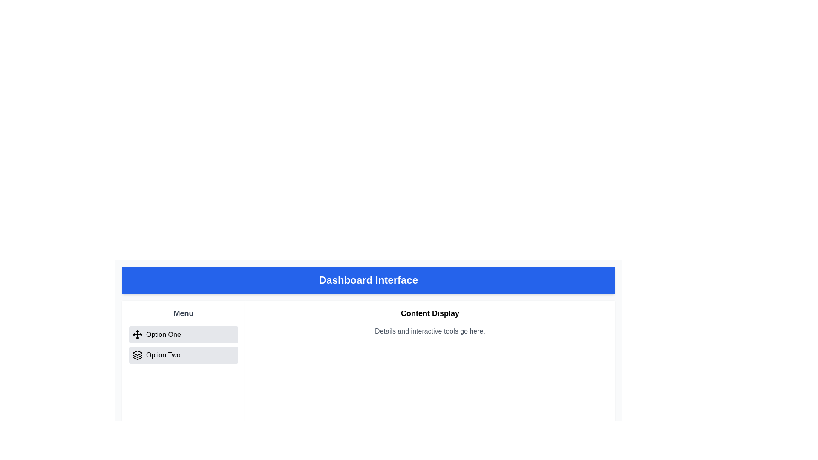  I want to click on the 'Option One' button located in the vertical list of options on the left side of the interface by, so click(183, 334).